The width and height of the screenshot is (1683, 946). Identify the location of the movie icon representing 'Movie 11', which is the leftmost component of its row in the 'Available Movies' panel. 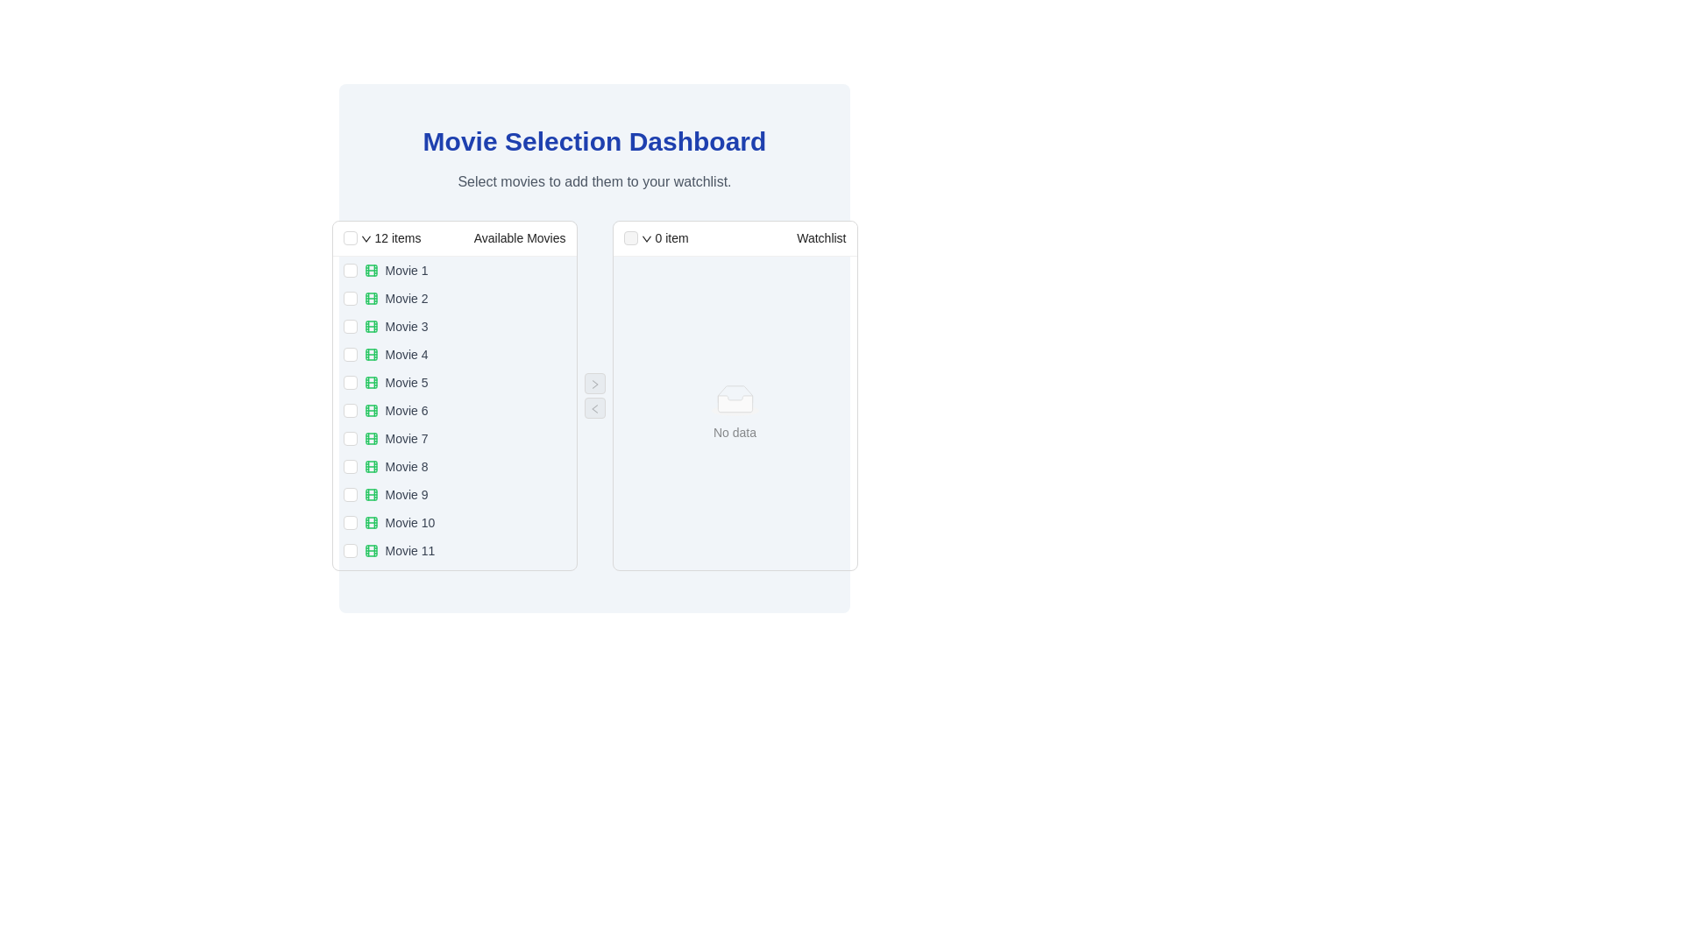
(370, 549).